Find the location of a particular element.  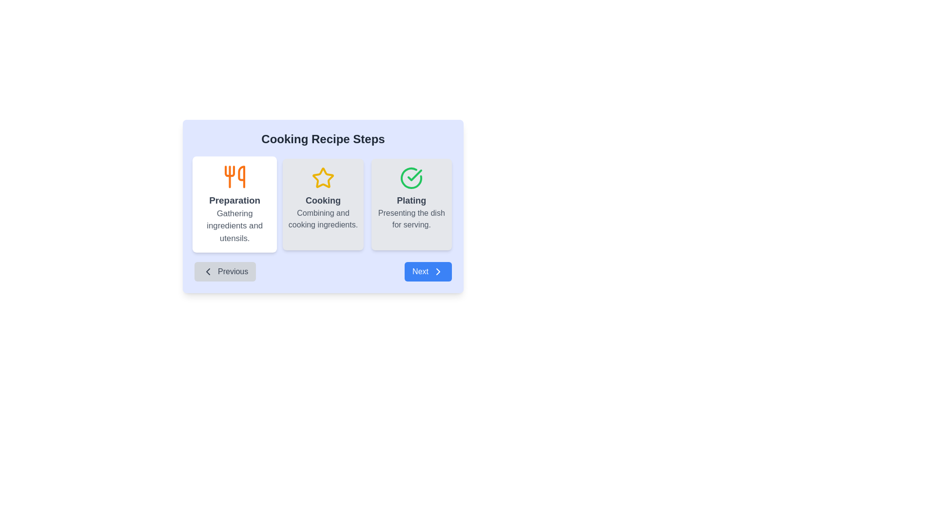

the Cooking icon located in the center card of three horizontal cards, which visually represents the concept of 'Cooking' is located at coordinates (323, 178).